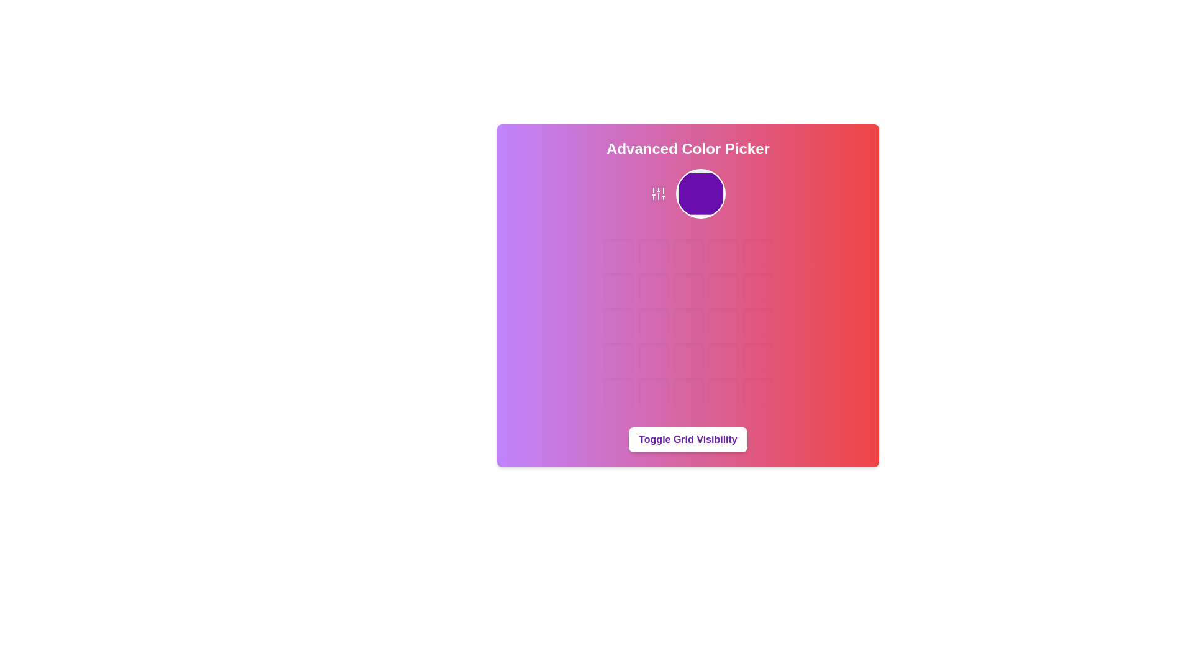  Describe the element at coordinates (652, 322) in the screenshot. I see `the Interactive Grid Cell element located in the third row and second column of the 5x5 grid layout` at that location.